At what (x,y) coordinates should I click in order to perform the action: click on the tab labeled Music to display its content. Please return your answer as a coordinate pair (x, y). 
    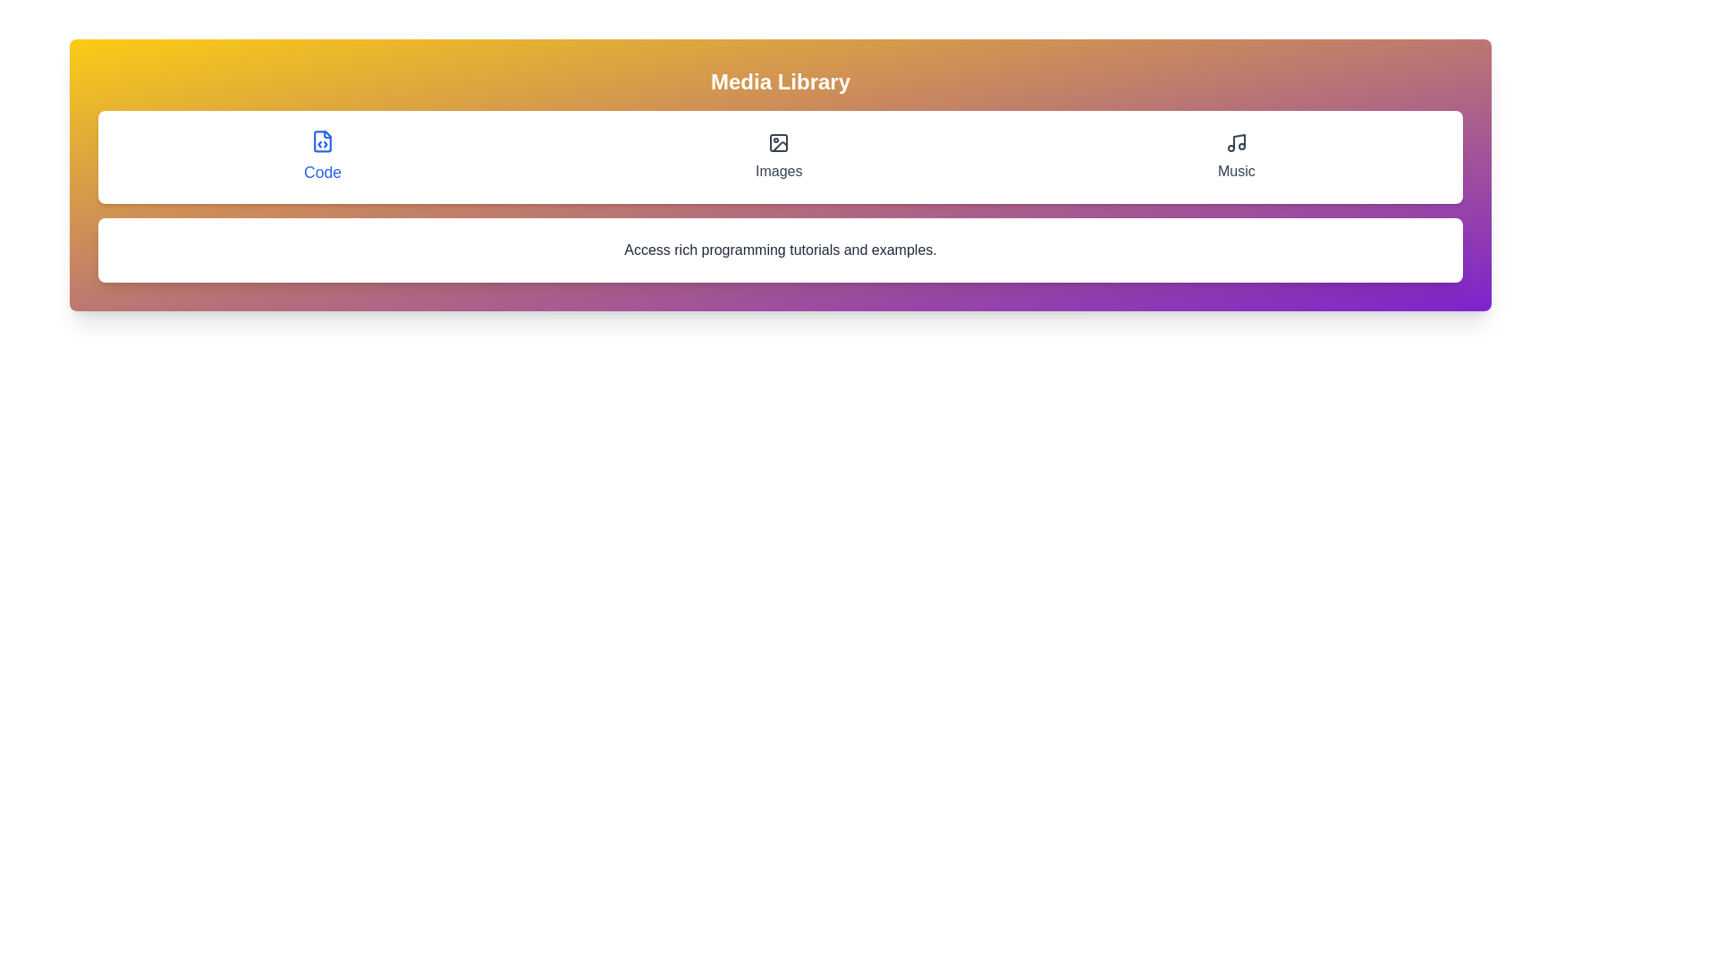
    Looking at the image, I should click on (1235, 157).